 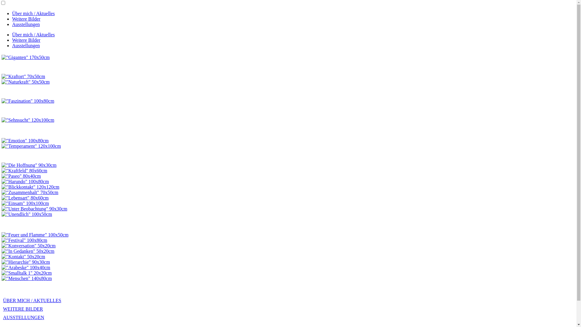 I want to click on 'Weitere Bilder', so click(x=12, y=40).